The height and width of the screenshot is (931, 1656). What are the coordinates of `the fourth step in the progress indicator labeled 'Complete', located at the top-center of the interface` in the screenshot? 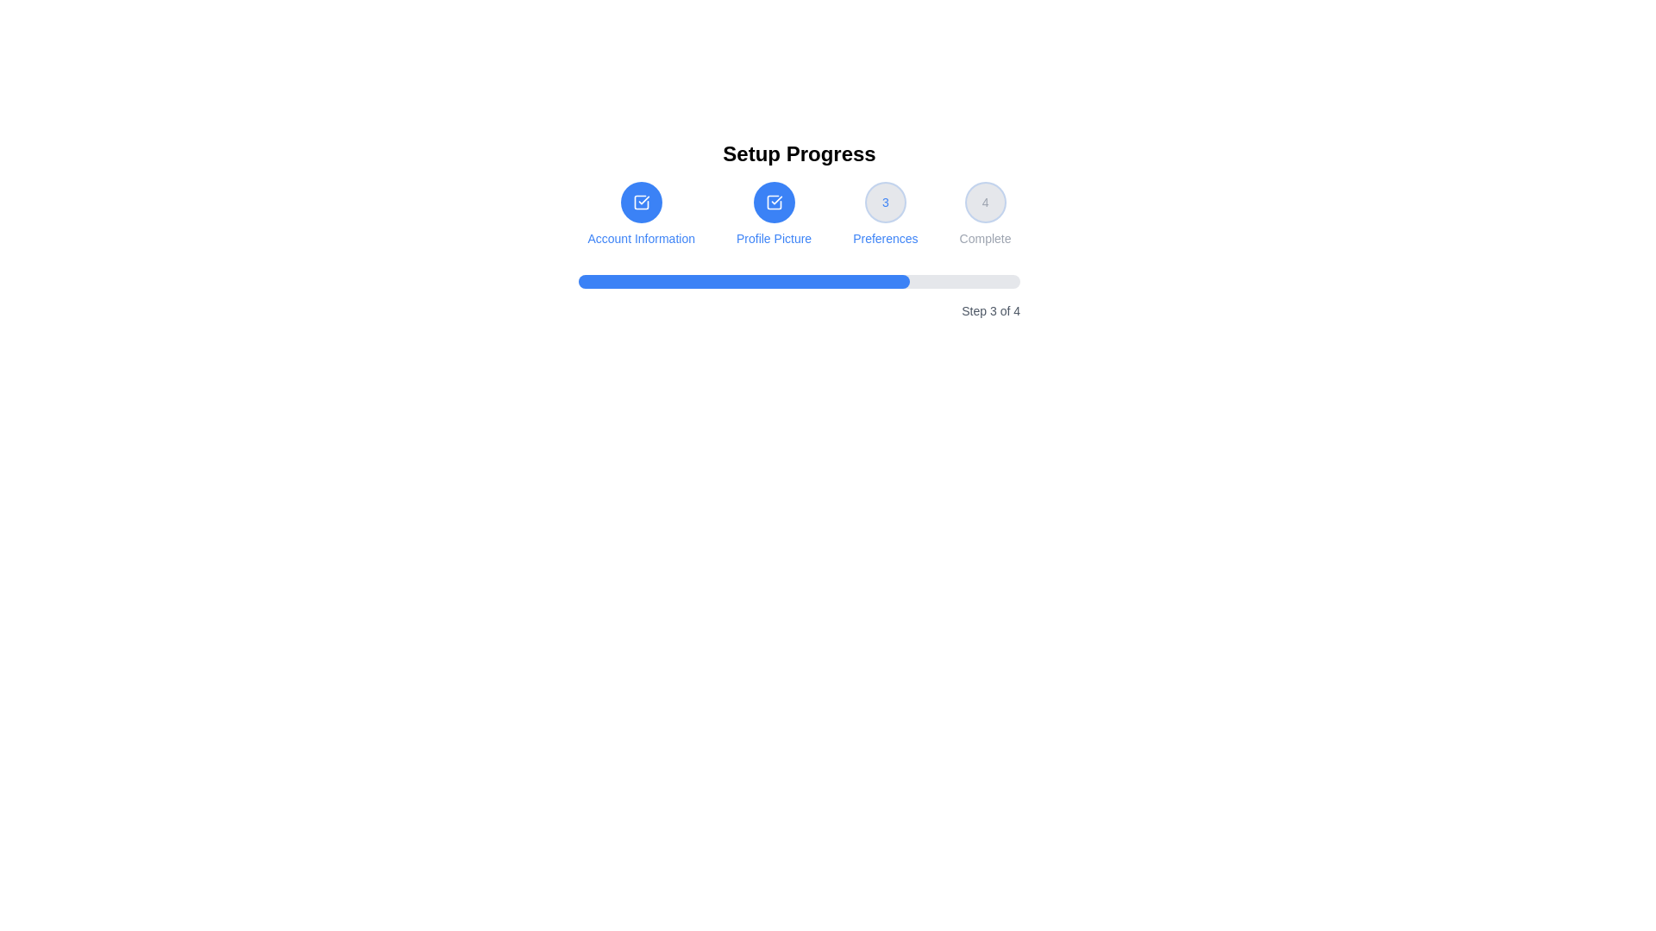 It's located at (985, 202).